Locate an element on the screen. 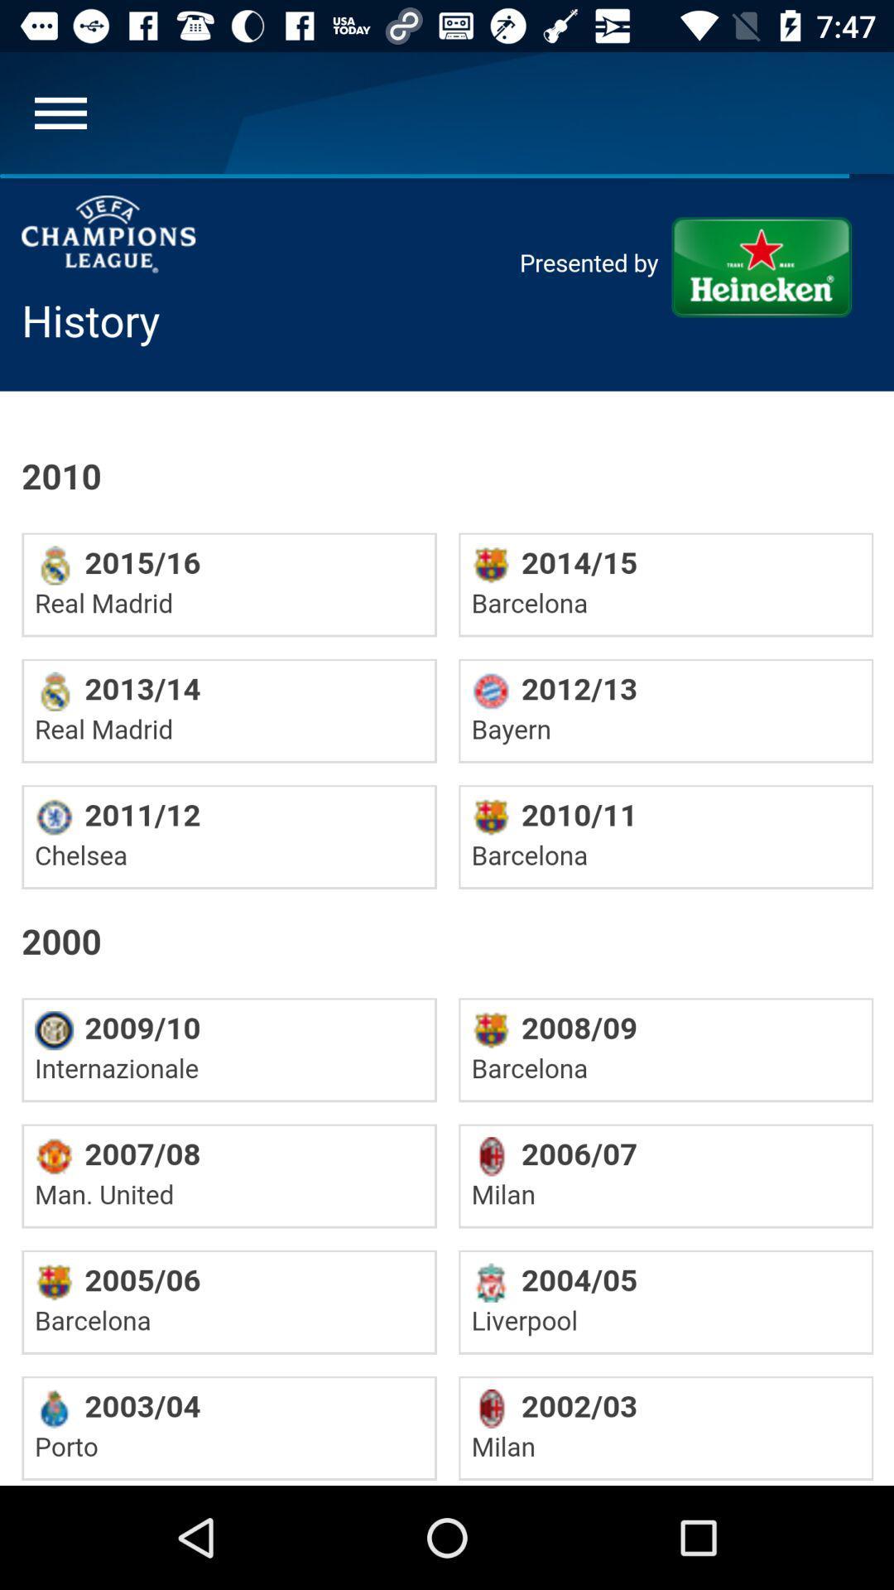 The height and width of the screenshot is (1590, 894). showing the latest vesion is located at coordinates (447, 830).